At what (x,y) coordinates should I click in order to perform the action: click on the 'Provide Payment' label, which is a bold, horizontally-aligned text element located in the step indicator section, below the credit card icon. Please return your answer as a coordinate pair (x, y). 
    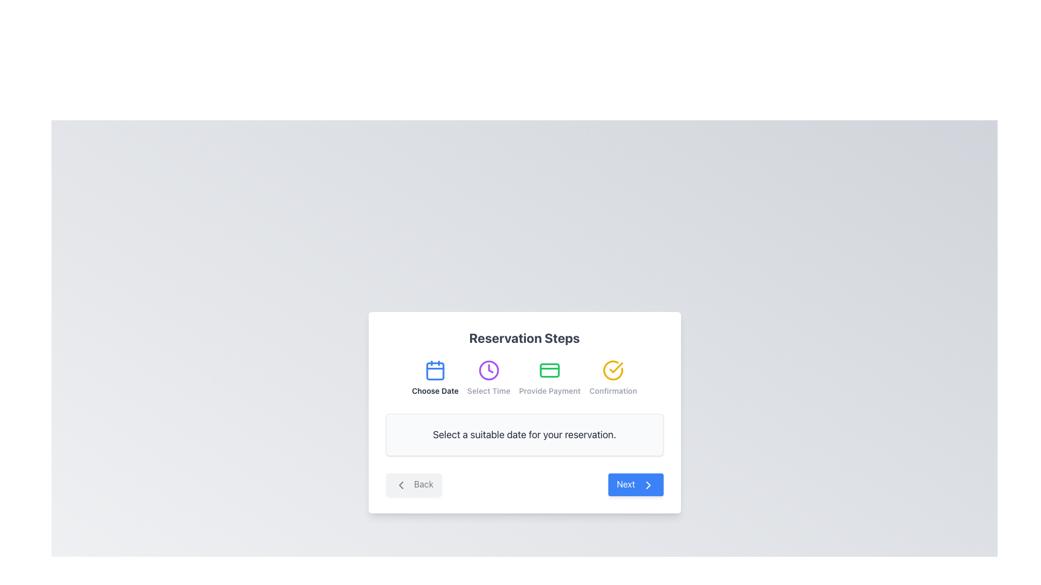
    Looking at the image, I should click on (550, 391).